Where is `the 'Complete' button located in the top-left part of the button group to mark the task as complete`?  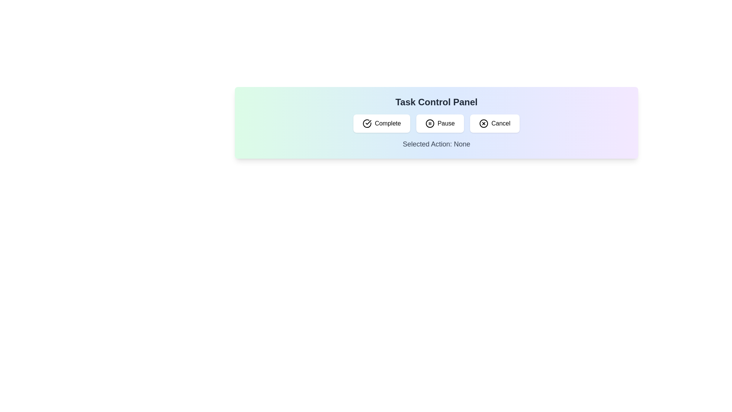
the 'Complete' button located in the top-left part of the button group to mark the task as complete is located at coordinates (382, 123).